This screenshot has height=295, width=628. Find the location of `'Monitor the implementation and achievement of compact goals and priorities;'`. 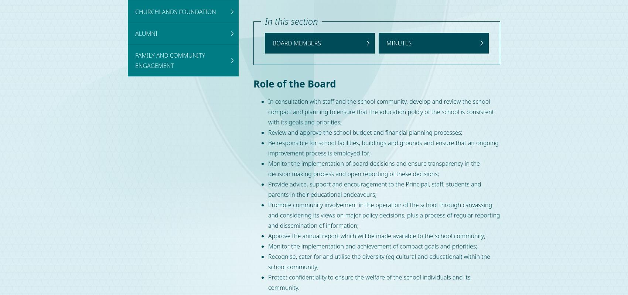

'Monitor the implementation and achievement of compact goals and priorities;' is located at coordinates (372, 246).